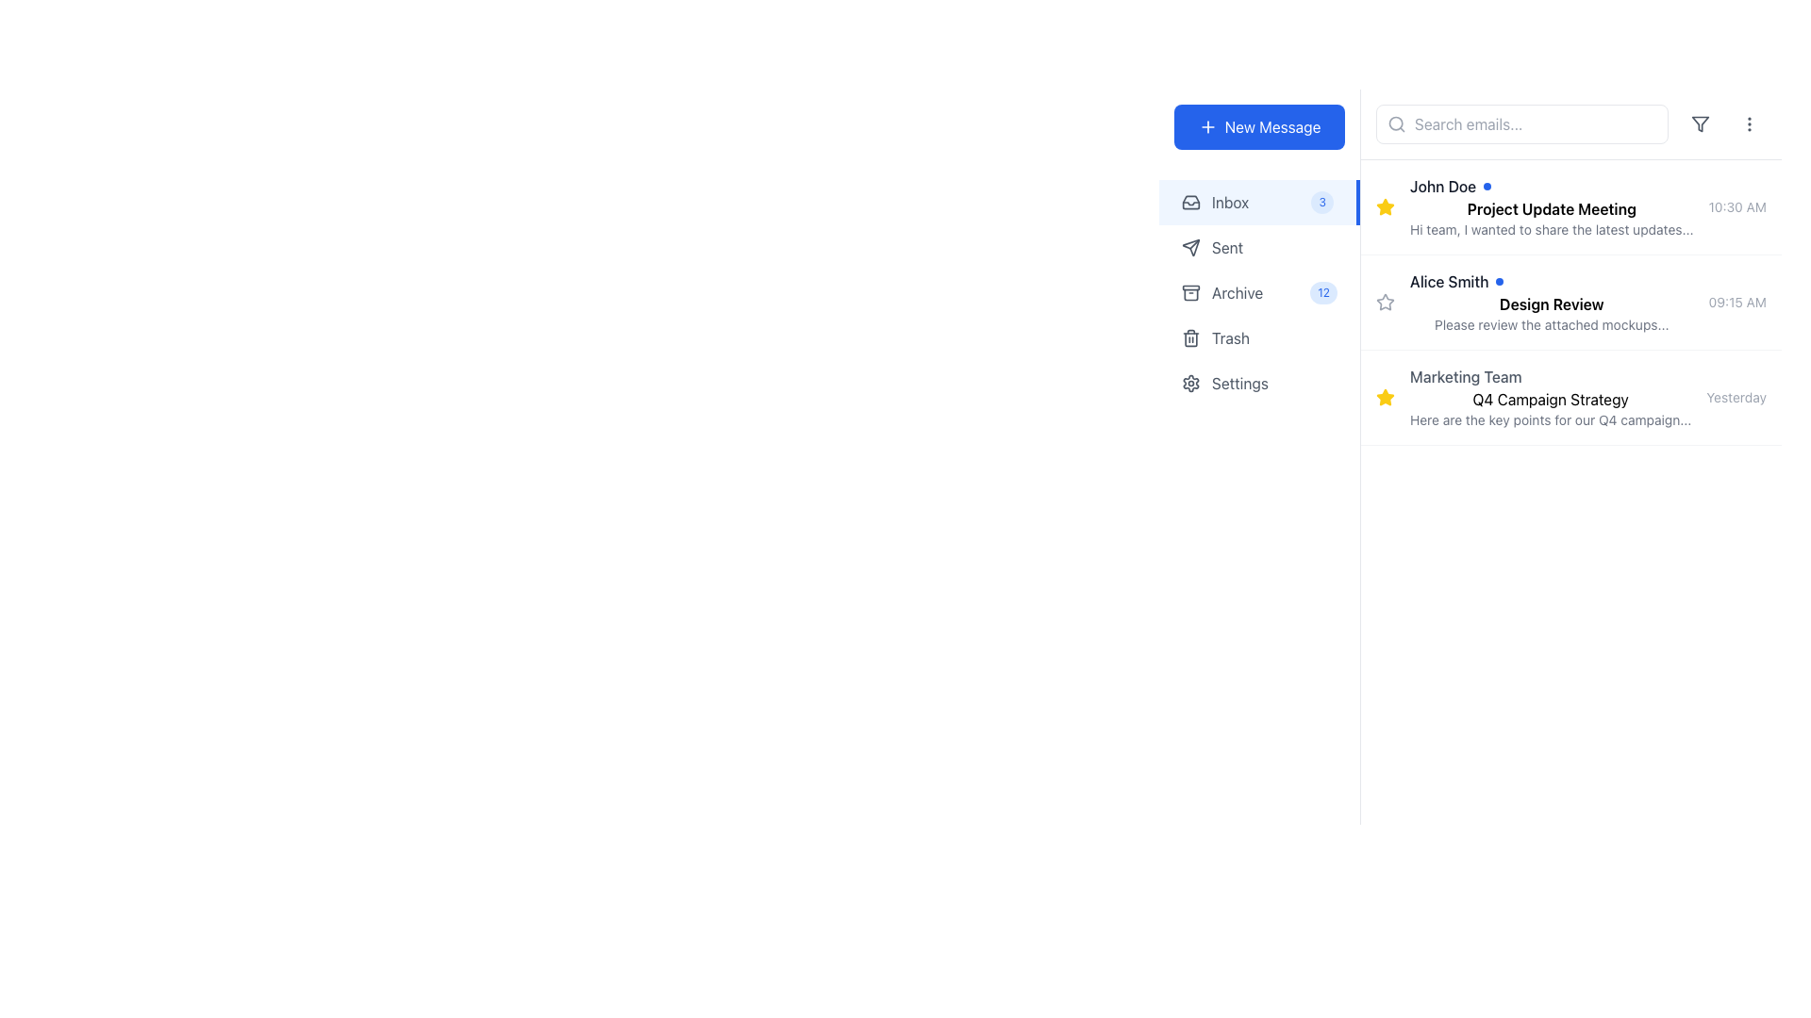  What do you see at coordinates (1552, 209) in the screenshot?
I see `the text label identifying the email subject line from 'John Doe'` at bounding box center [1552, 209].